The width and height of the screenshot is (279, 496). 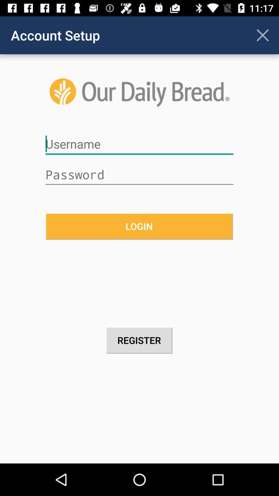 I want to click on item at the top right corner, so click(x=263, y=35).